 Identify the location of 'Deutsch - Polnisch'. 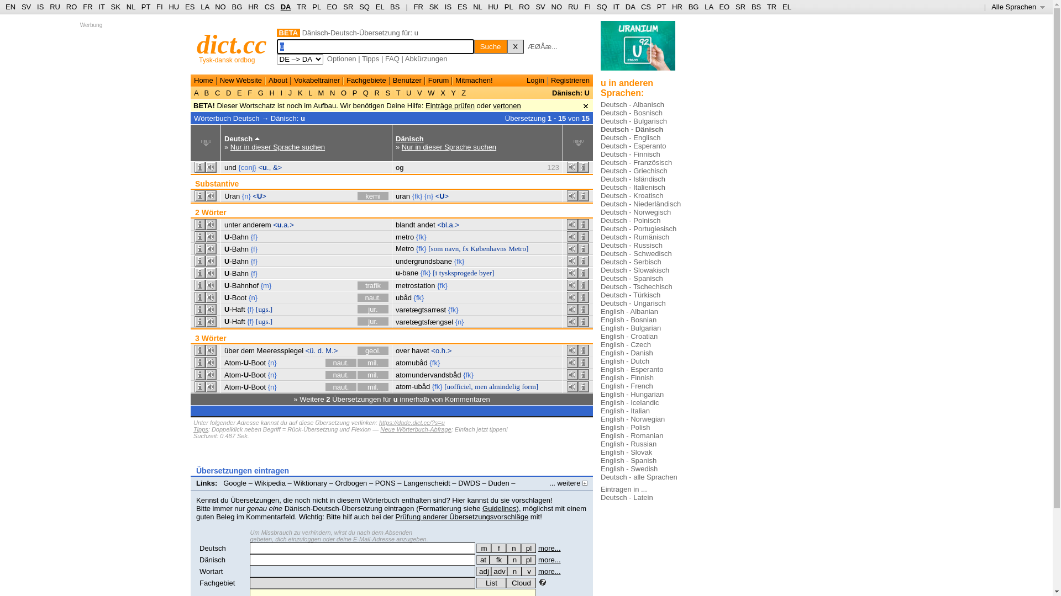
(631, 220).